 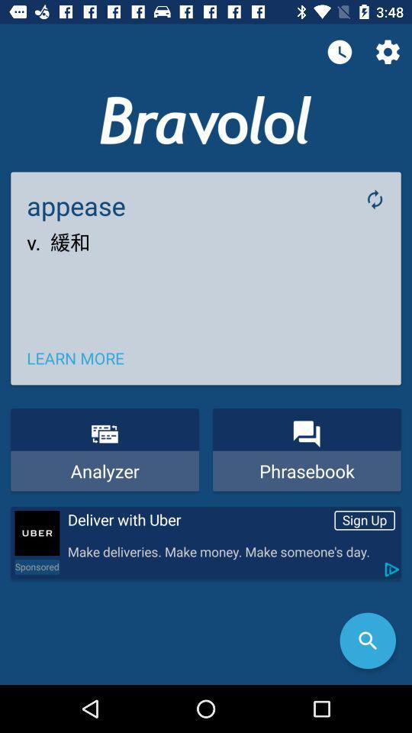 I want to click on uber signup button, so click(x=37, y=533).